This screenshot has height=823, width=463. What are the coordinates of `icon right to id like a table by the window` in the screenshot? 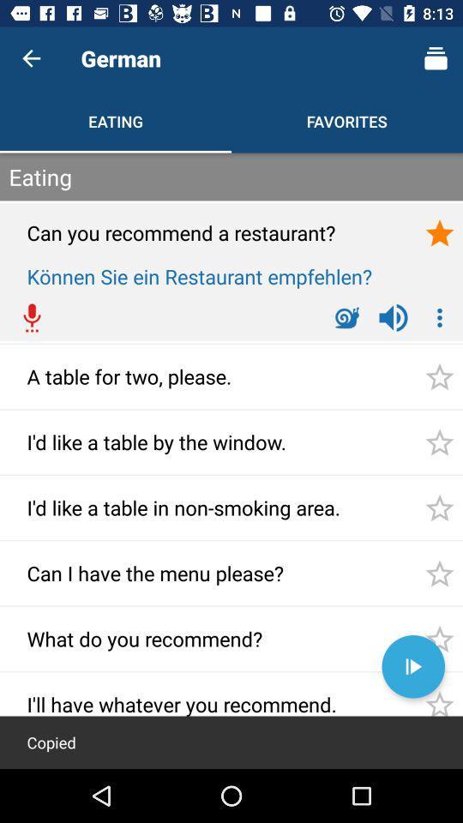 It's located at (440, 442).